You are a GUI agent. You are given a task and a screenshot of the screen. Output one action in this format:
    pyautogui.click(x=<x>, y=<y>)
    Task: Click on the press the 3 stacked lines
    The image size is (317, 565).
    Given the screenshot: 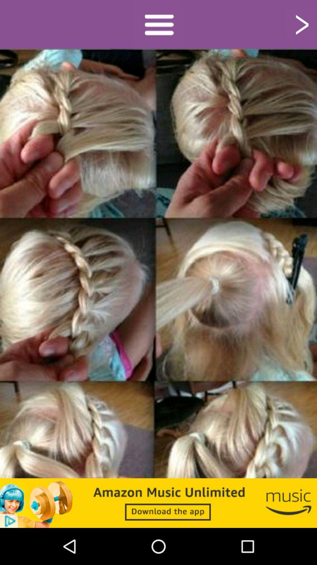 What is the action you would take?
    pyautogui.click(x=158, y=24)
    